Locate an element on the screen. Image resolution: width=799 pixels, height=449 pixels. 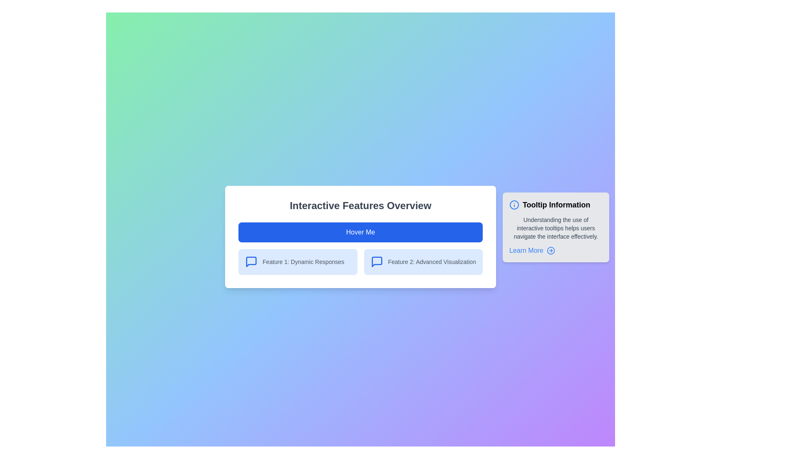
text from the tooltip header located in the top-right corner of the card, right of the information icon is located at coordinates (556, 205).